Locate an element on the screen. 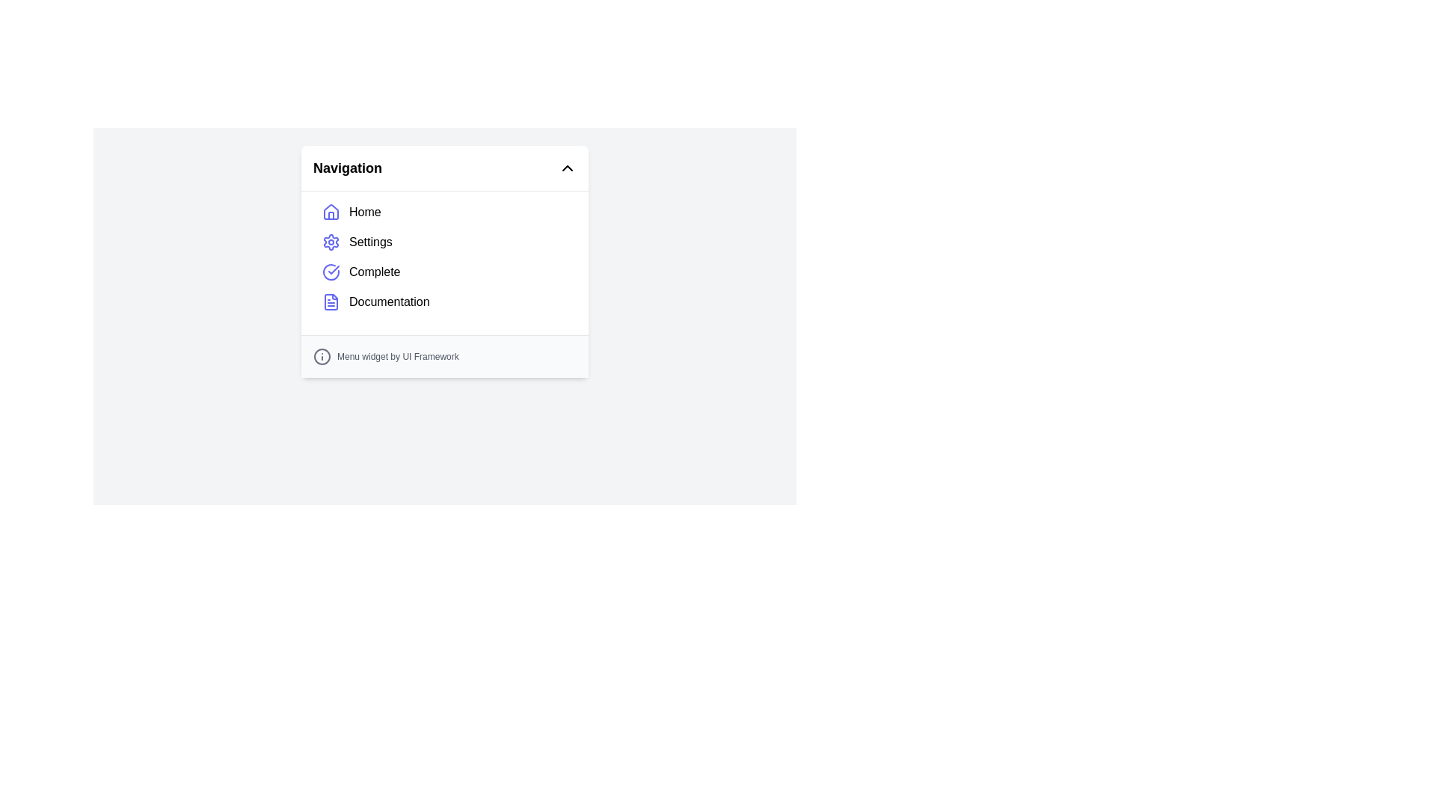  the small, upward-pointing chevron icon with a thin black stroke, located in the upper-right corner of the header row, aligned with the 'Navigation' header text is located at coordinates (566, 168).